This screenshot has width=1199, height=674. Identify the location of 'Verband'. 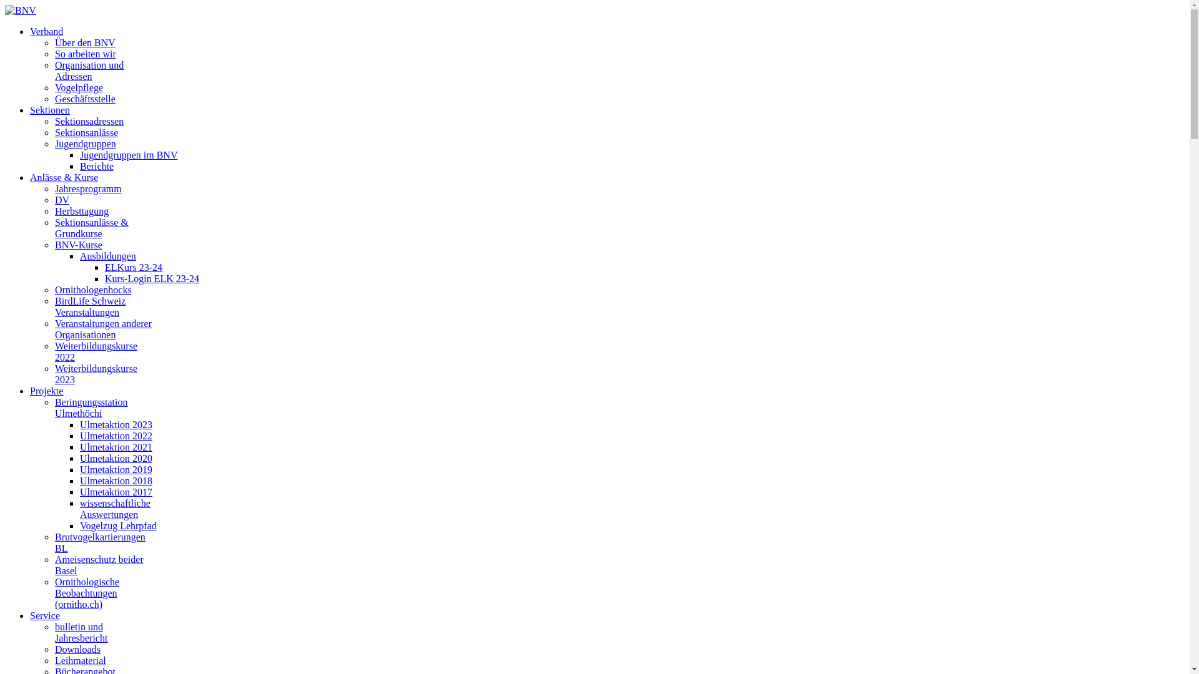
(46, 31).